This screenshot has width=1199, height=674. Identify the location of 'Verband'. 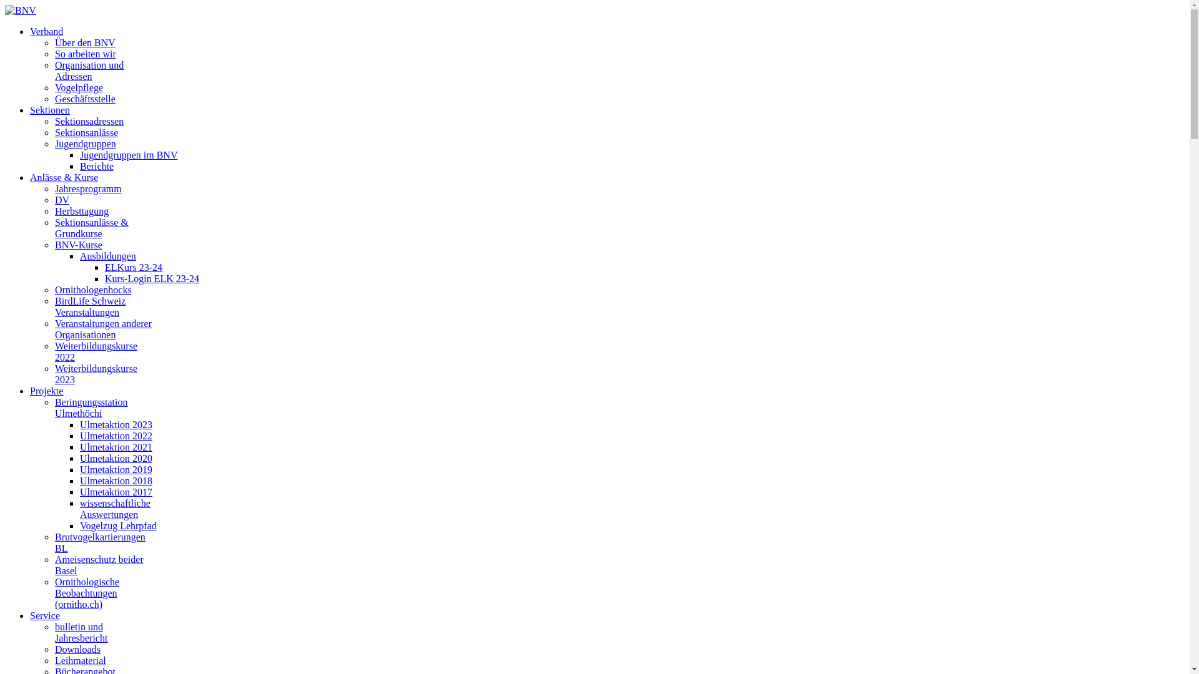
(46, 31).